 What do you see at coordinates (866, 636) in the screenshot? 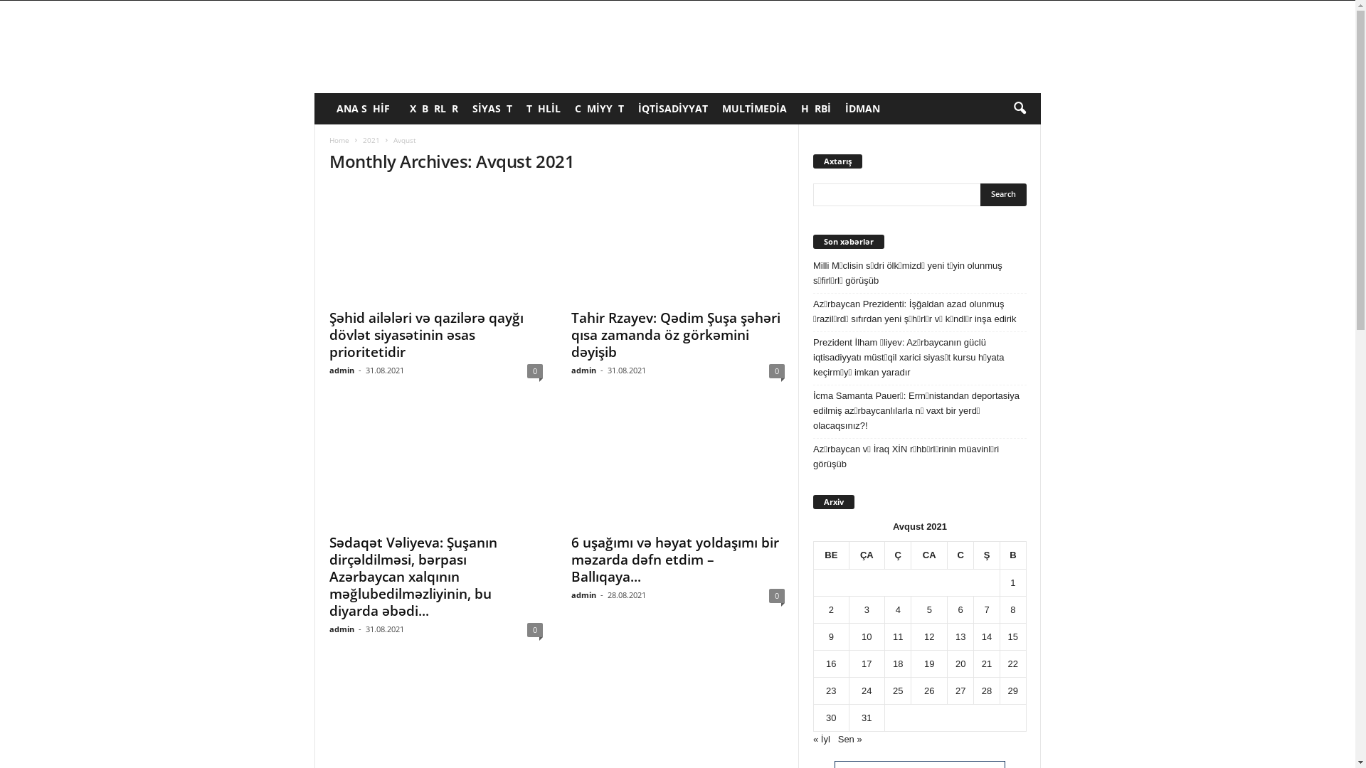
I see `'10'` at bounding box center [866, 636].